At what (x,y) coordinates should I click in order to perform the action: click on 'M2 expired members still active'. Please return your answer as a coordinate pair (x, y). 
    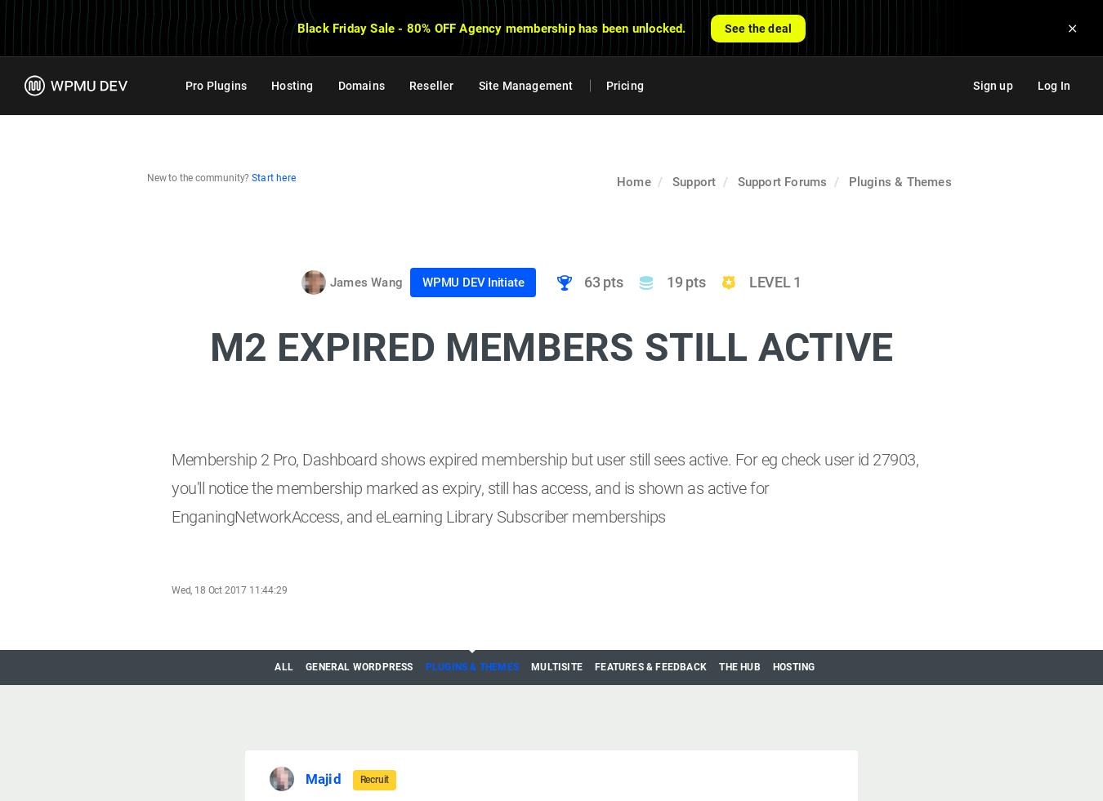
    Looking at the image, I should click on (551, 345).